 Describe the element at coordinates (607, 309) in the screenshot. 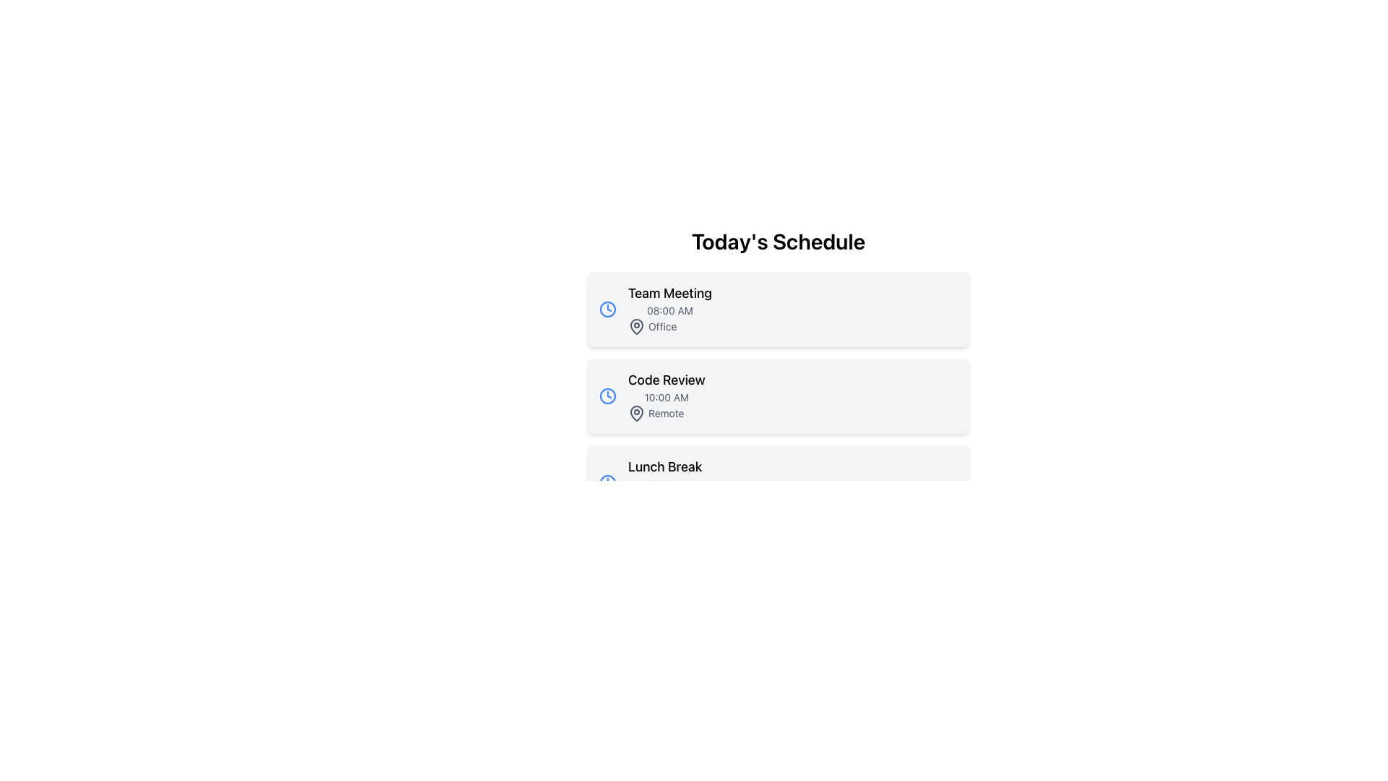

I see `the clock icon representing the time aspect of the 'Team Meeting' event, located in the first card under 'Today's Schedule', to the left of the text '08:00 AM' and 'Office'` at that location.